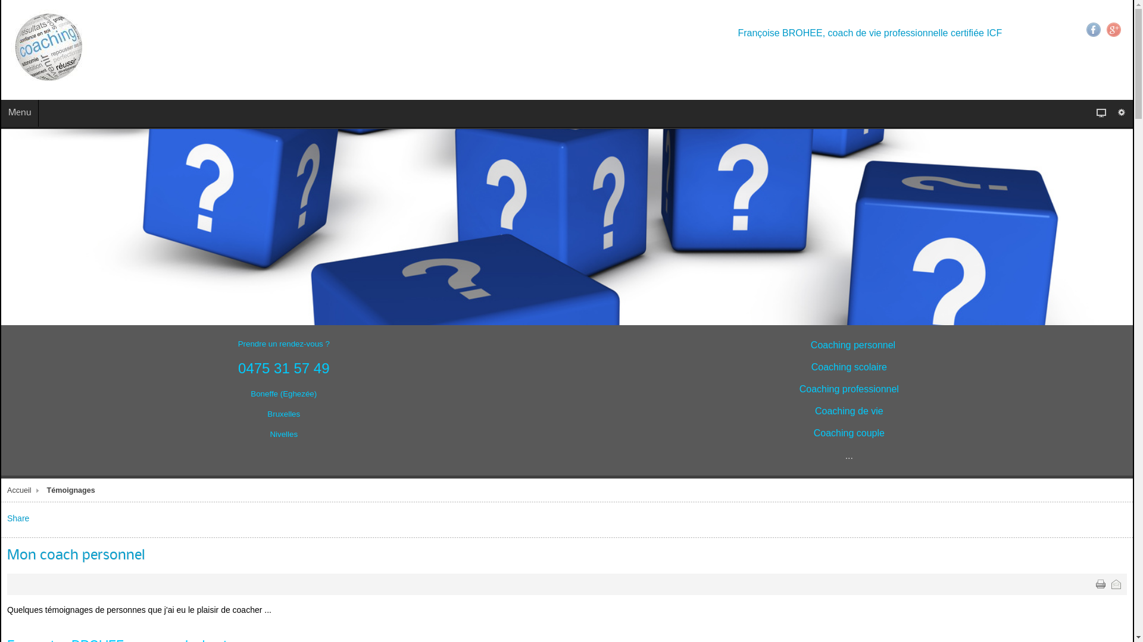 Image resolution: width=1143 pixels, height=642 pixels. I want to click on ' ', so click(1116, 584).